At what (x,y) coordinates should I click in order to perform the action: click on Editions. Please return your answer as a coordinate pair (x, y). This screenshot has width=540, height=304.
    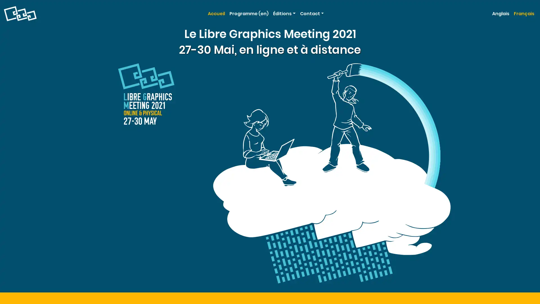
    Looking at the image, I should click on (284, 13).